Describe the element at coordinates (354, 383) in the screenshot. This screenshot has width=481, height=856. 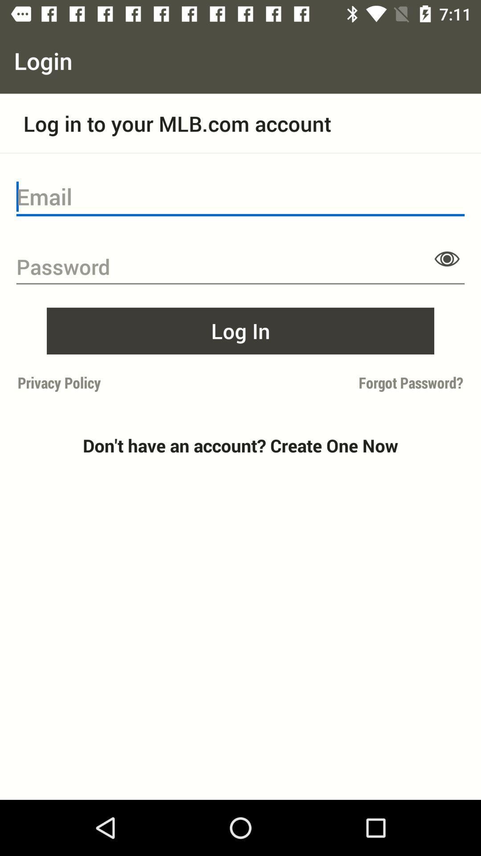
I see `the icon to the right of privacy policy icon` at that location.